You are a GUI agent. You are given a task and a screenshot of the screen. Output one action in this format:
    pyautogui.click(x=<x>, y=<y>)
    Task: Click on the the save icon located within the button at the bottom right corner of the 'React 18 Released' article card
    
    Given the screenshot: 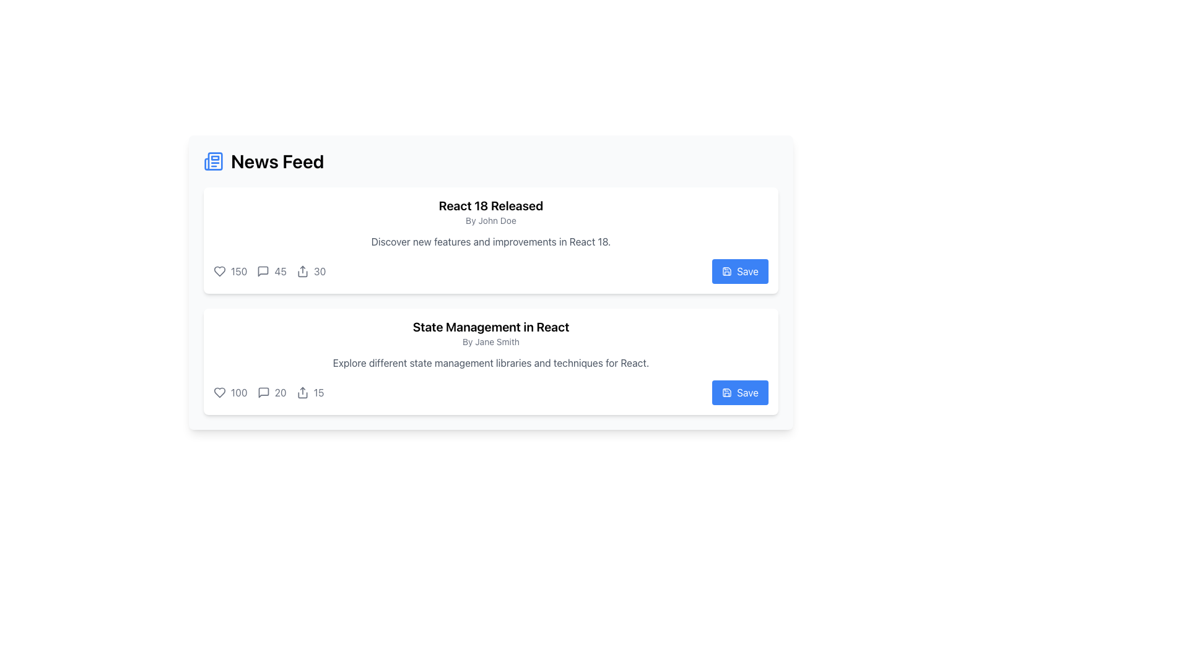 What is the action you would take?
    pyautogui.click(x=727, y=271)
    